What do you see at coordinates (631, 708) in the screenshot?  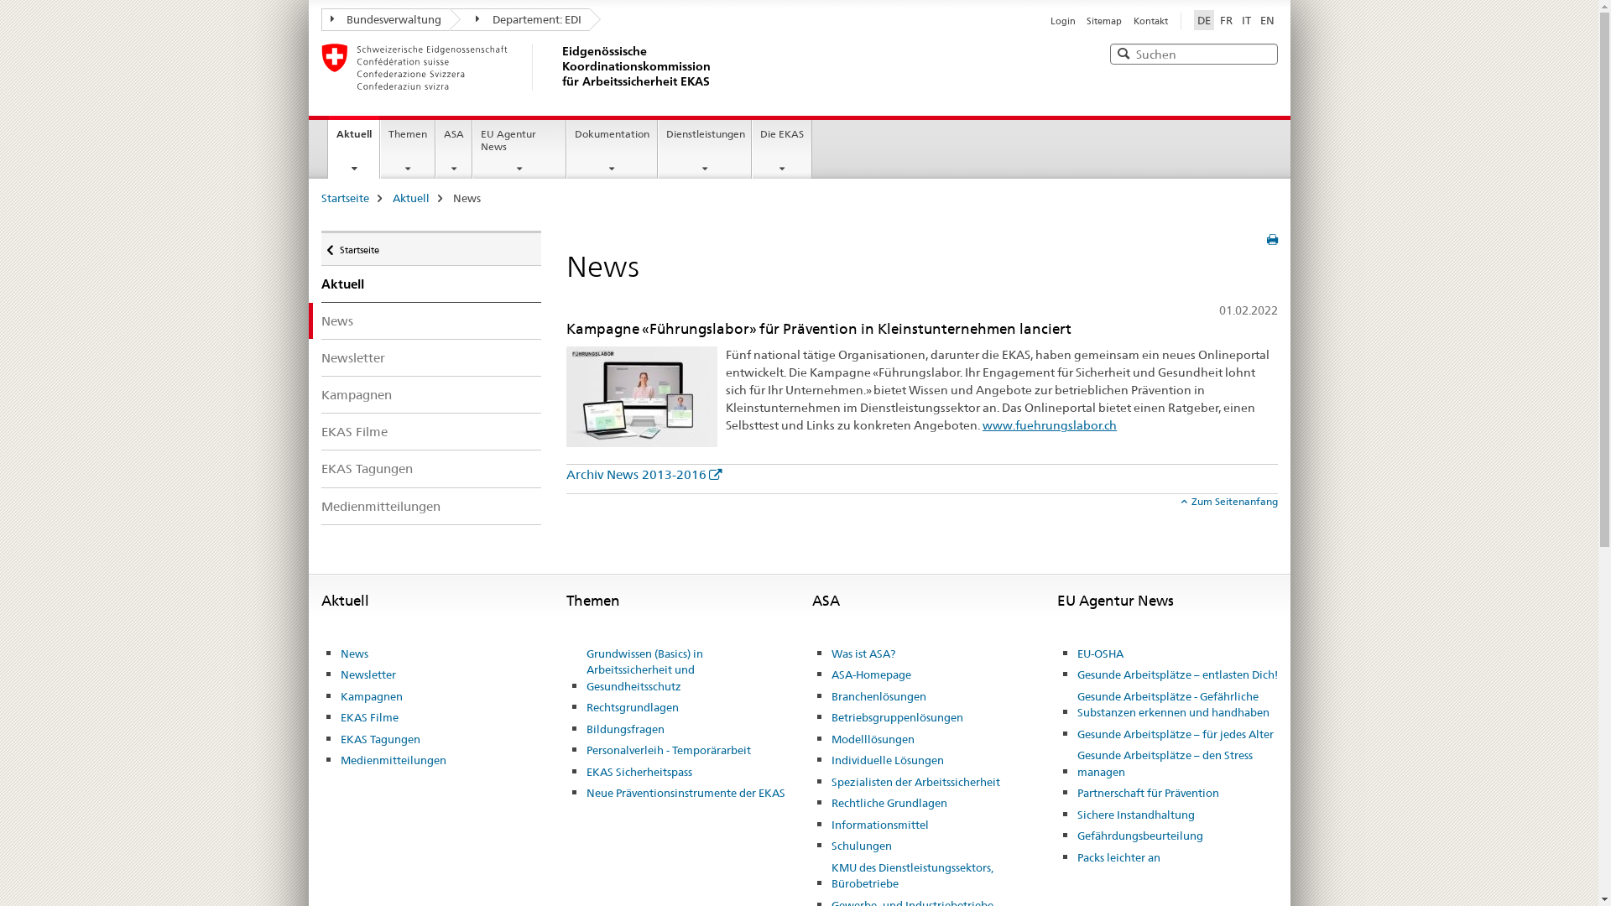 I see `'Rechtsgrundlagen'` at bounding box center [631, 708].